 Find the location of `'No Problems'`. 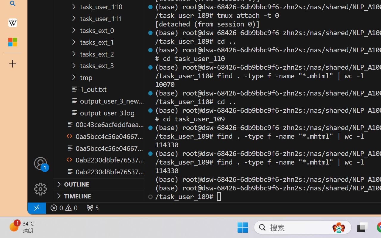

'No Problems' is located at coordinates (63, 208).